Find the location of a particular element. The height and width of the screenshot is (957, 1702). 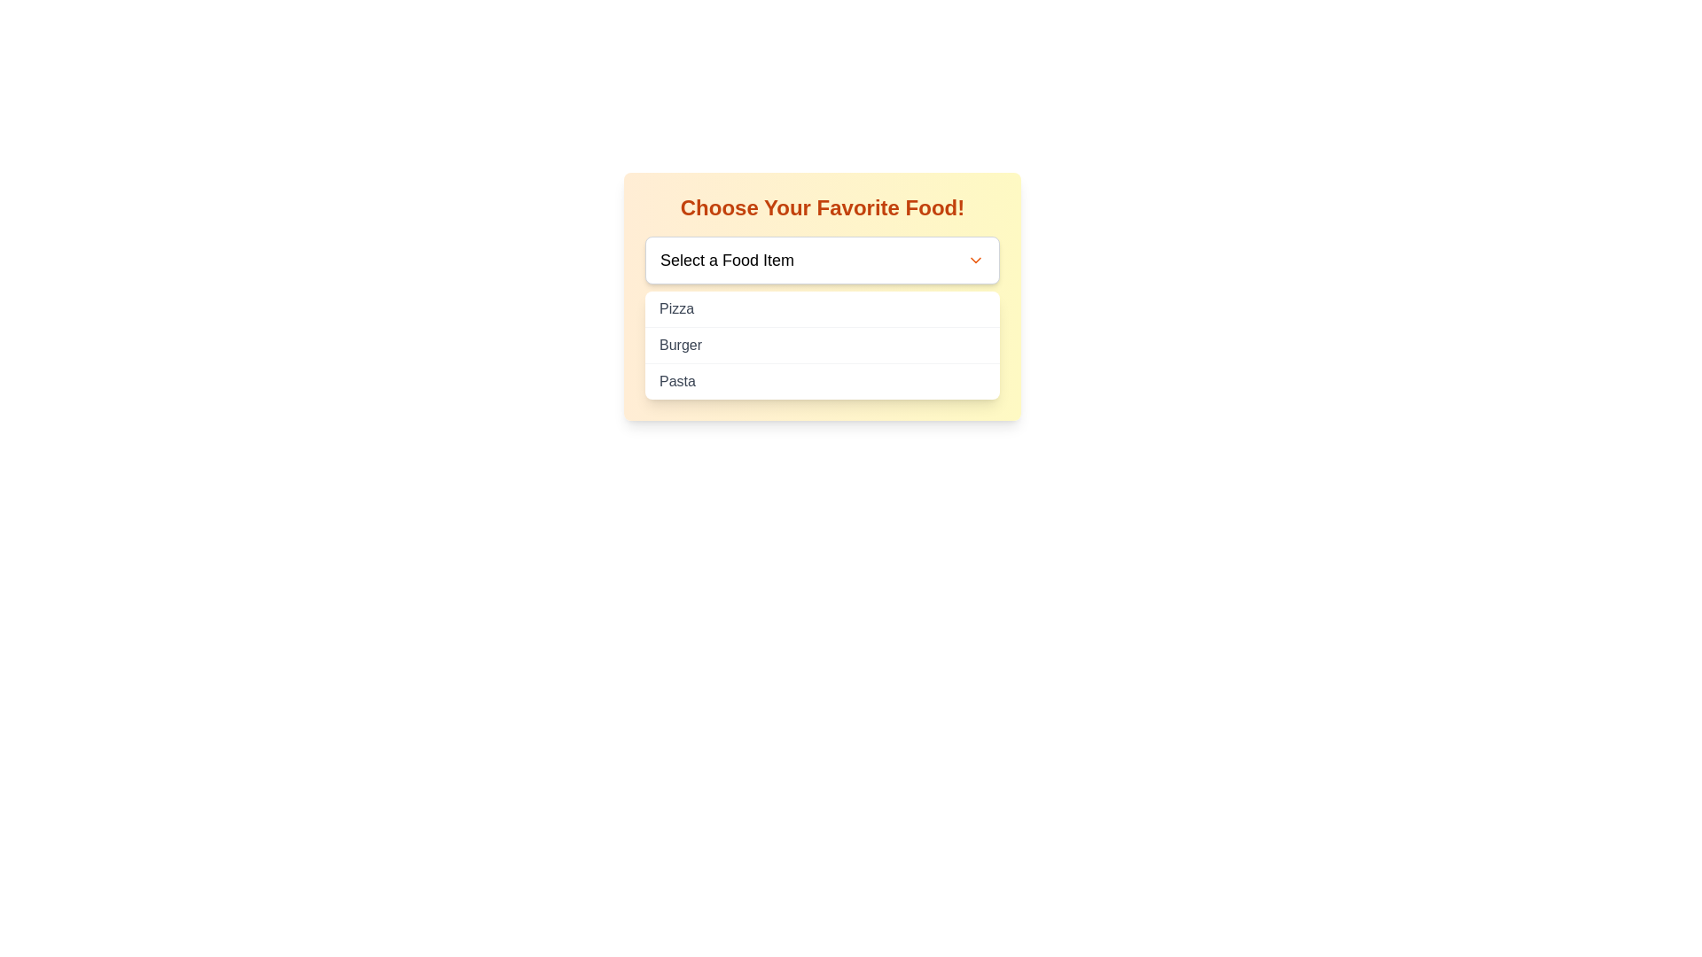

the third item in the dropdown menu labeled 'Pasta' is located at coordinates (821, 380).